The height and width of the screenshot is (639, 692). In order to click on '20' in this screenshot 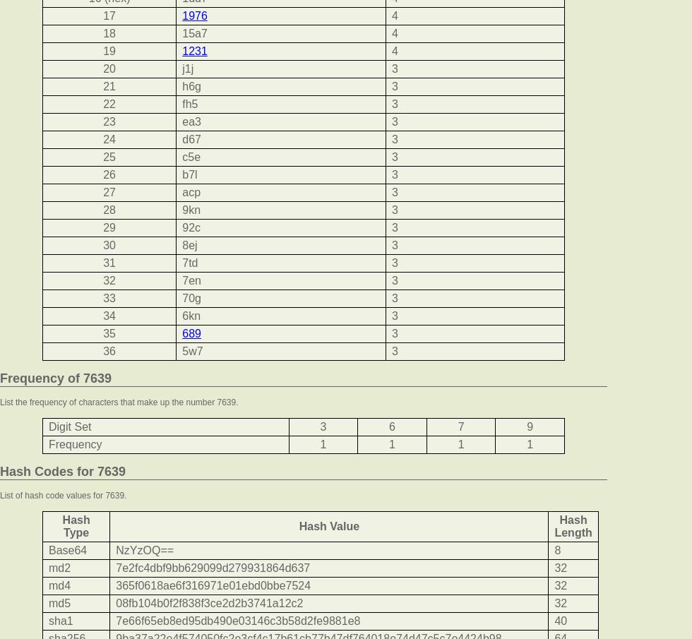, I will do `click(109, 68)`.